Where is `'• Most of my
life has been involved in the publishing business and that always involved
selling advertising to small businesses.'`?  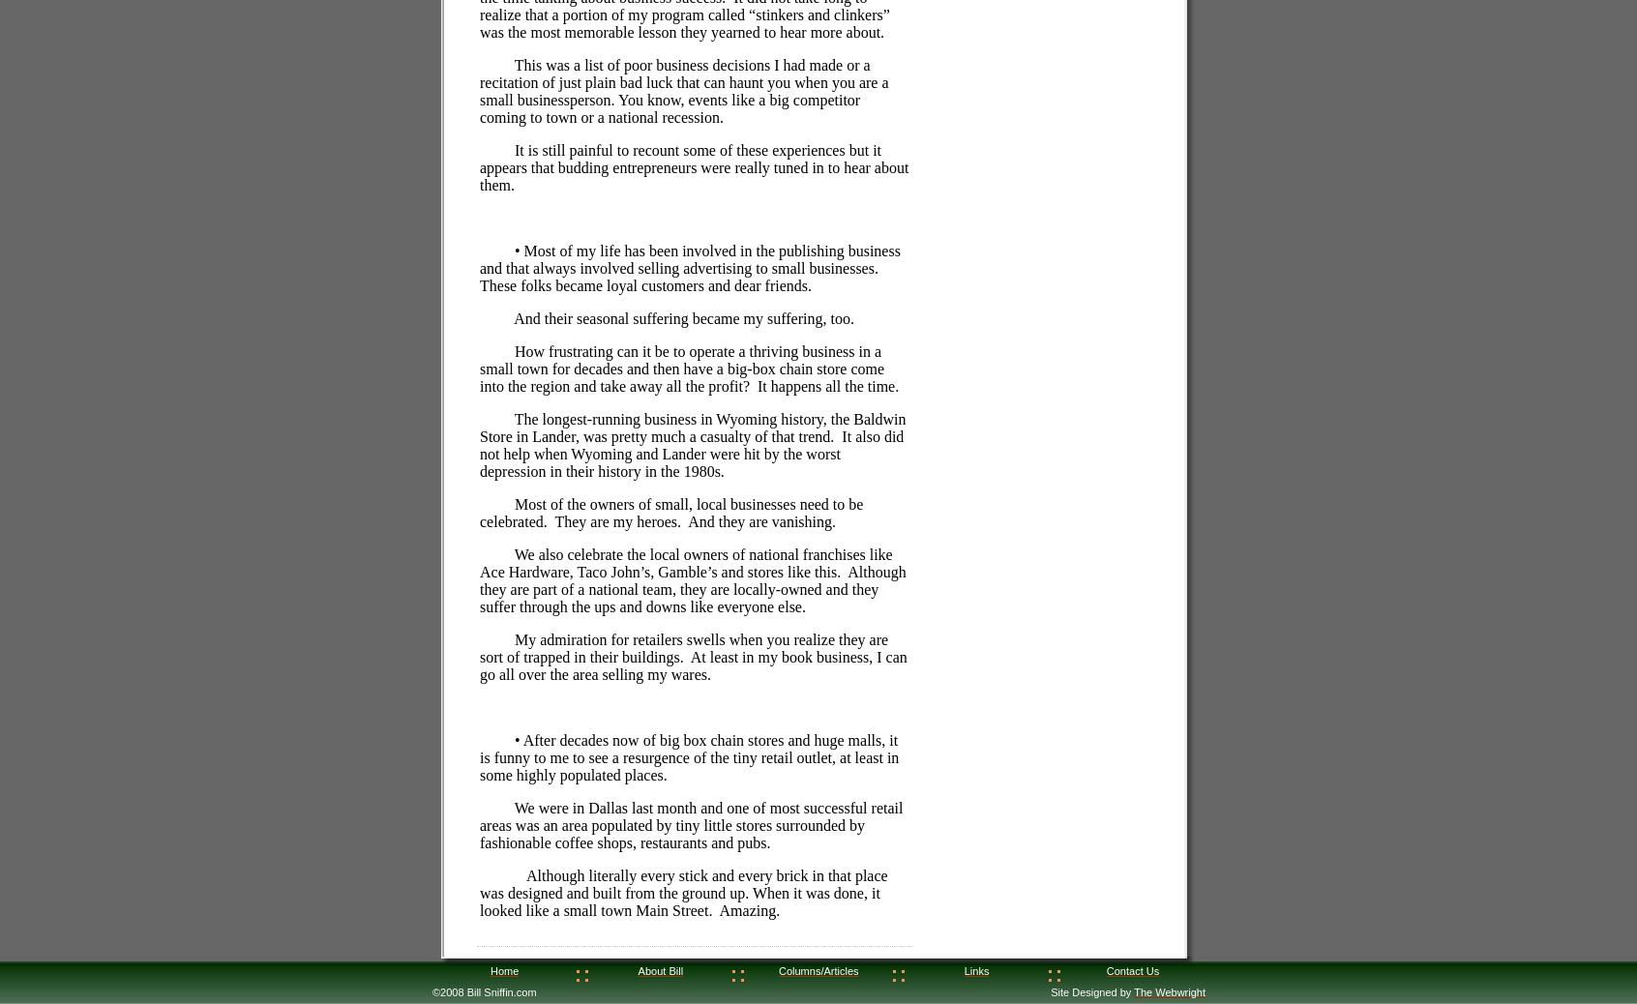
'• Most of my
life has been involved in the publishing business and that always involved
selling advertising to small businesses.' is located at coordinates (689, 258).